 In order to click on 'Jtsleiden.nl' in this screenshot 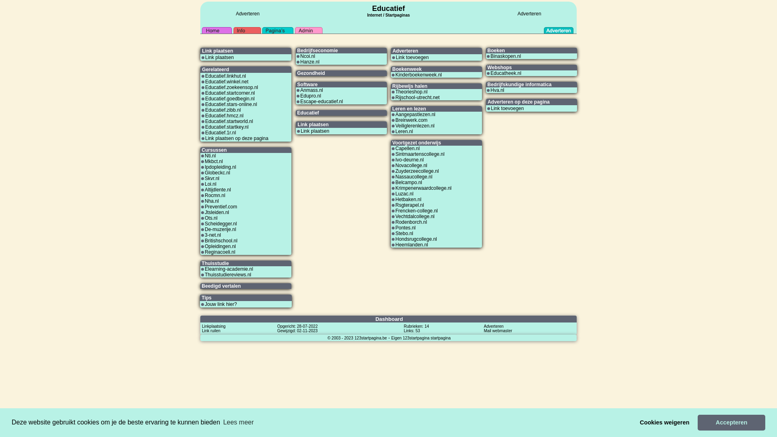, I will do `click(217, 212)`.